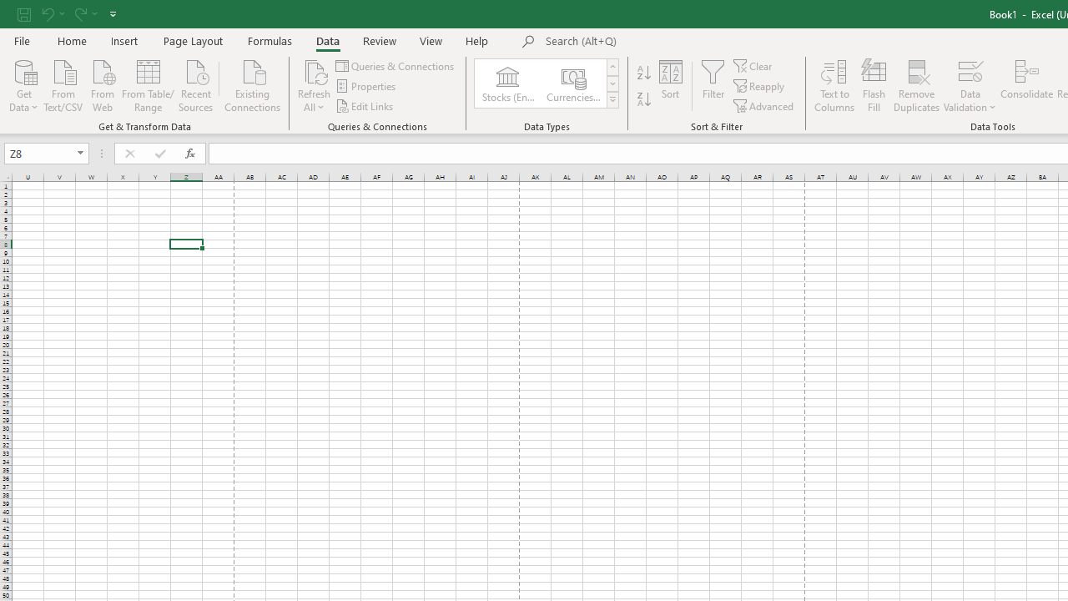  What do you see at coordinates (252, 84) in the screenshot?
I see `'Existing Connections'` at bounding box center [252, 84].